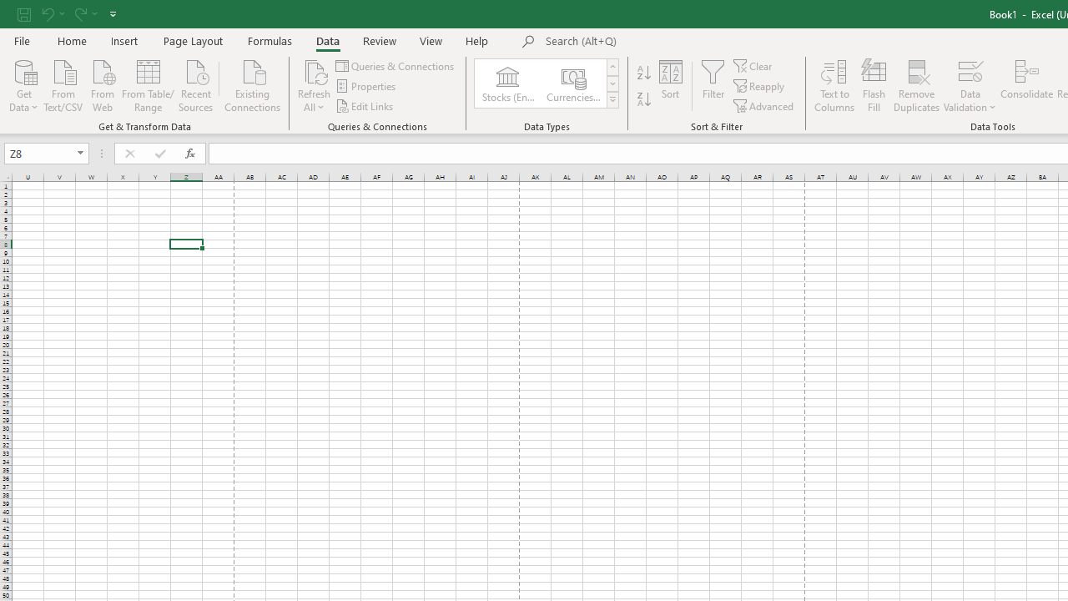  What do you see at coordinates (252, 84) in the screenshot?
I see `'Existing Connections'` at bounding box center [252, 84].